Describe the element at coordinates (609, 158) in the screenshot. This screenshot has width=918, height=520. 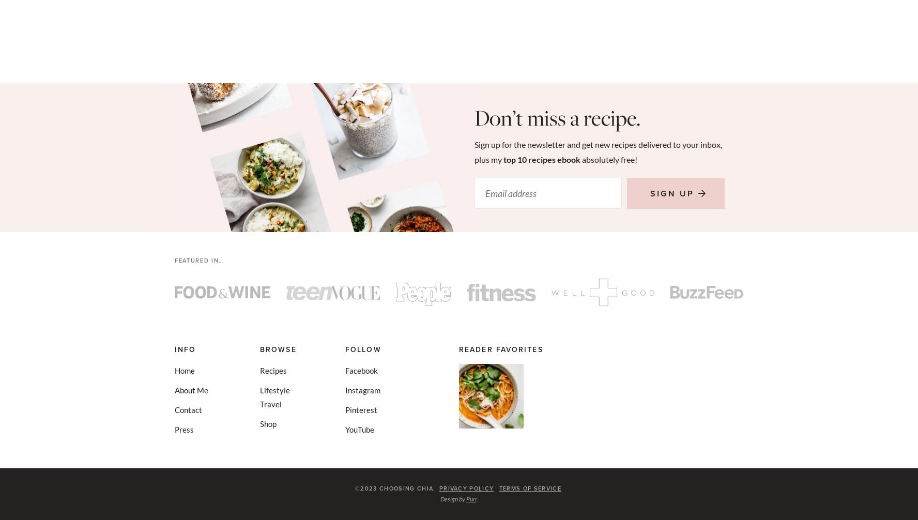
I see `'absolutely free!'` at that location.